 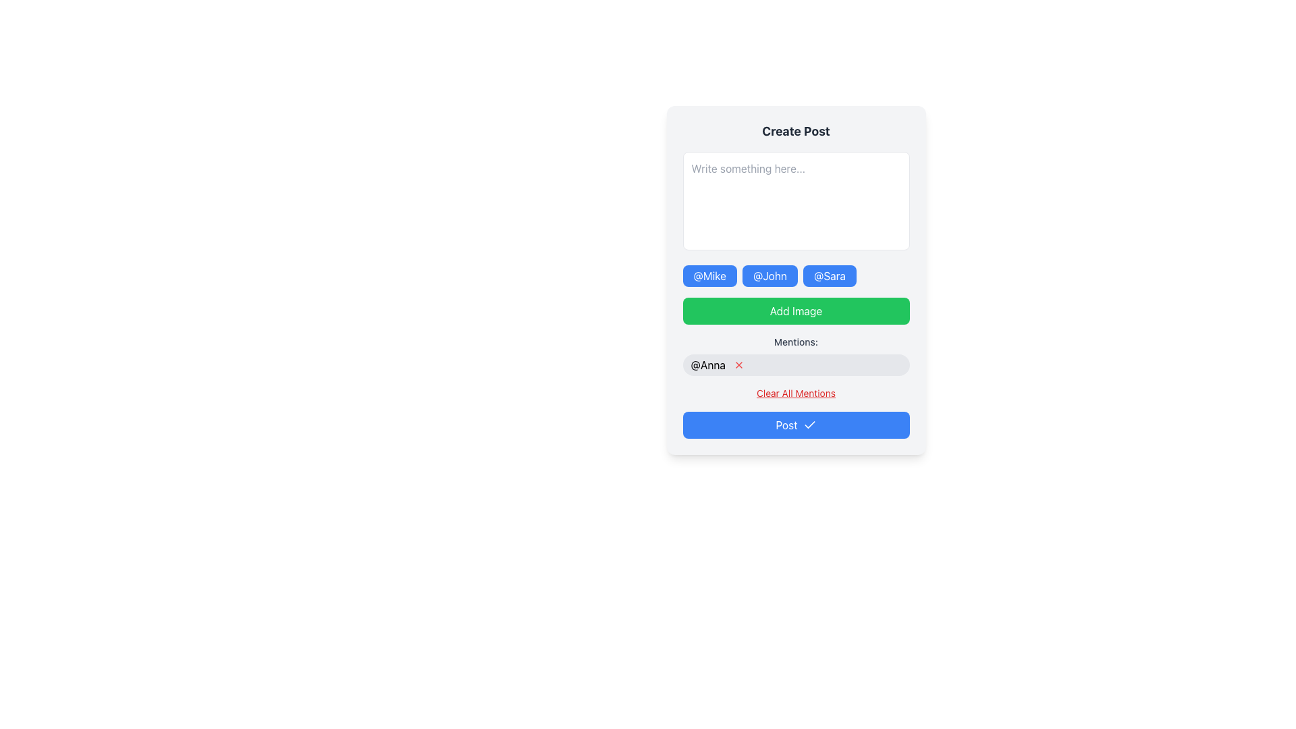 What do you see at coordinates (809, 424) in the screenshot?
I see `the checkmark icon that is white with rounded edges, enclosed in a blue background, located to the right of the 'Post' text within the 'Post' button at the bottom of the form` at bounding box center [809, 424].